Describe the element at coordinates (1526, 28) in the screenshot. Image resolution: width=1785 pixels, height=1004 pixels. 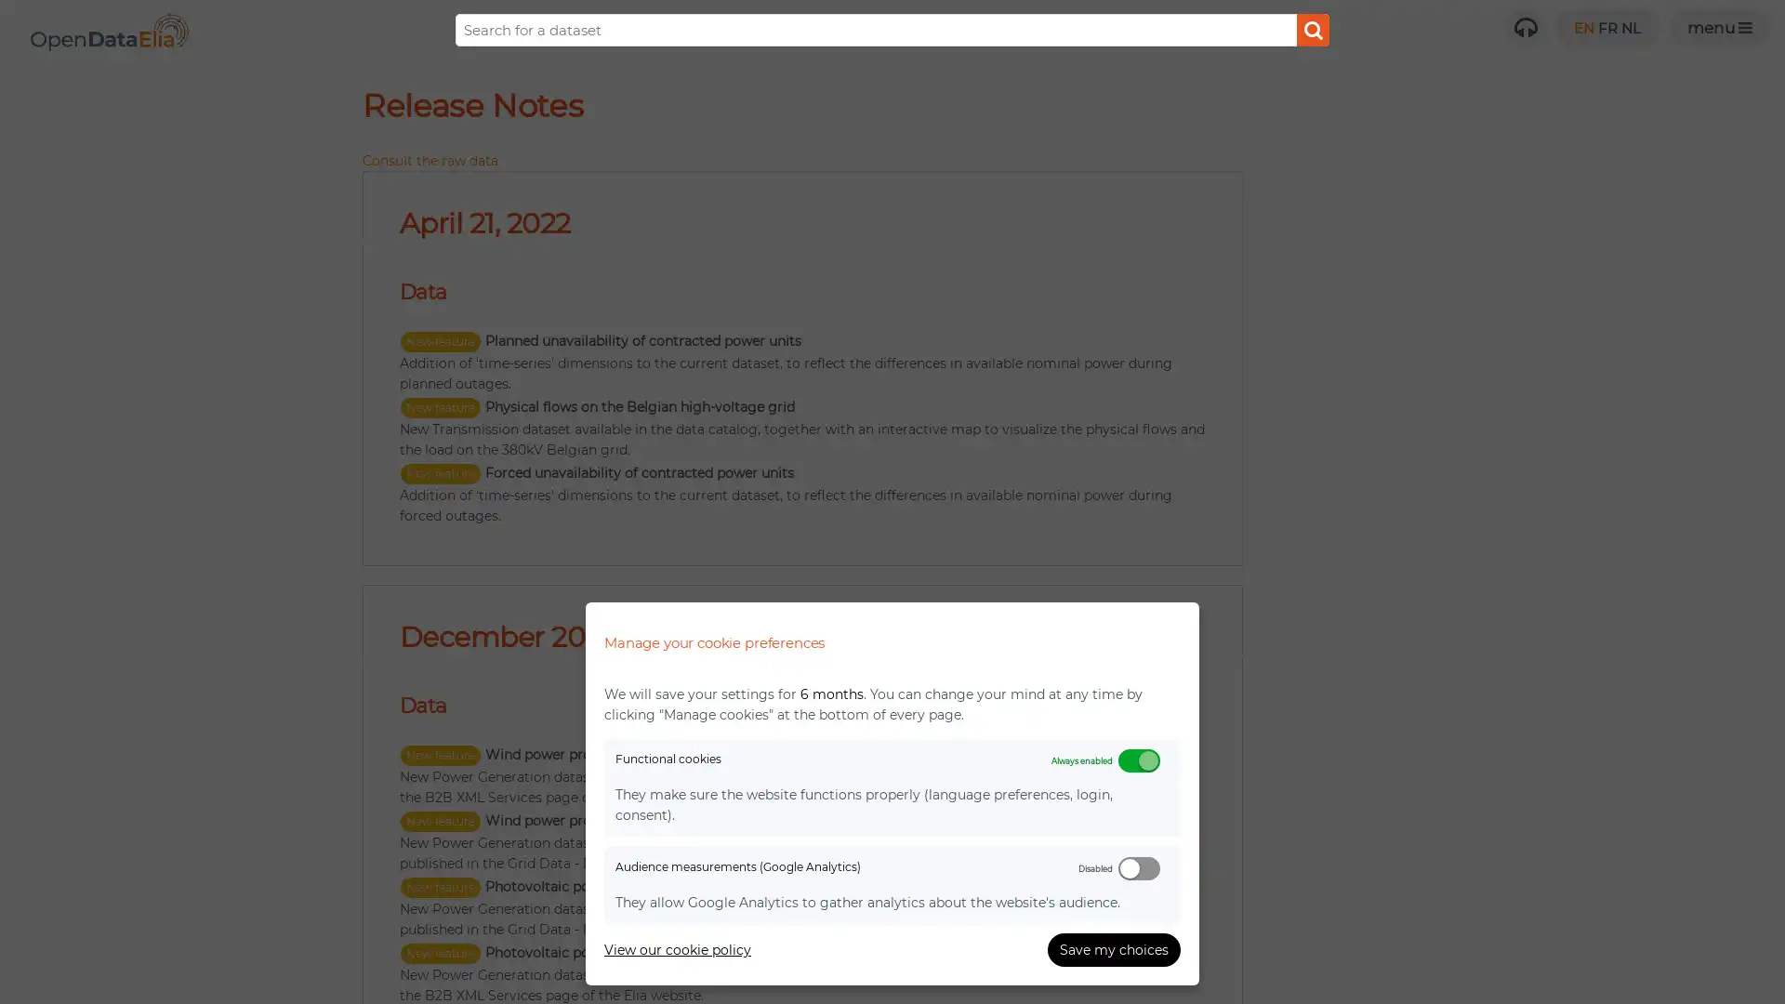
I see `Need help?` at that location.